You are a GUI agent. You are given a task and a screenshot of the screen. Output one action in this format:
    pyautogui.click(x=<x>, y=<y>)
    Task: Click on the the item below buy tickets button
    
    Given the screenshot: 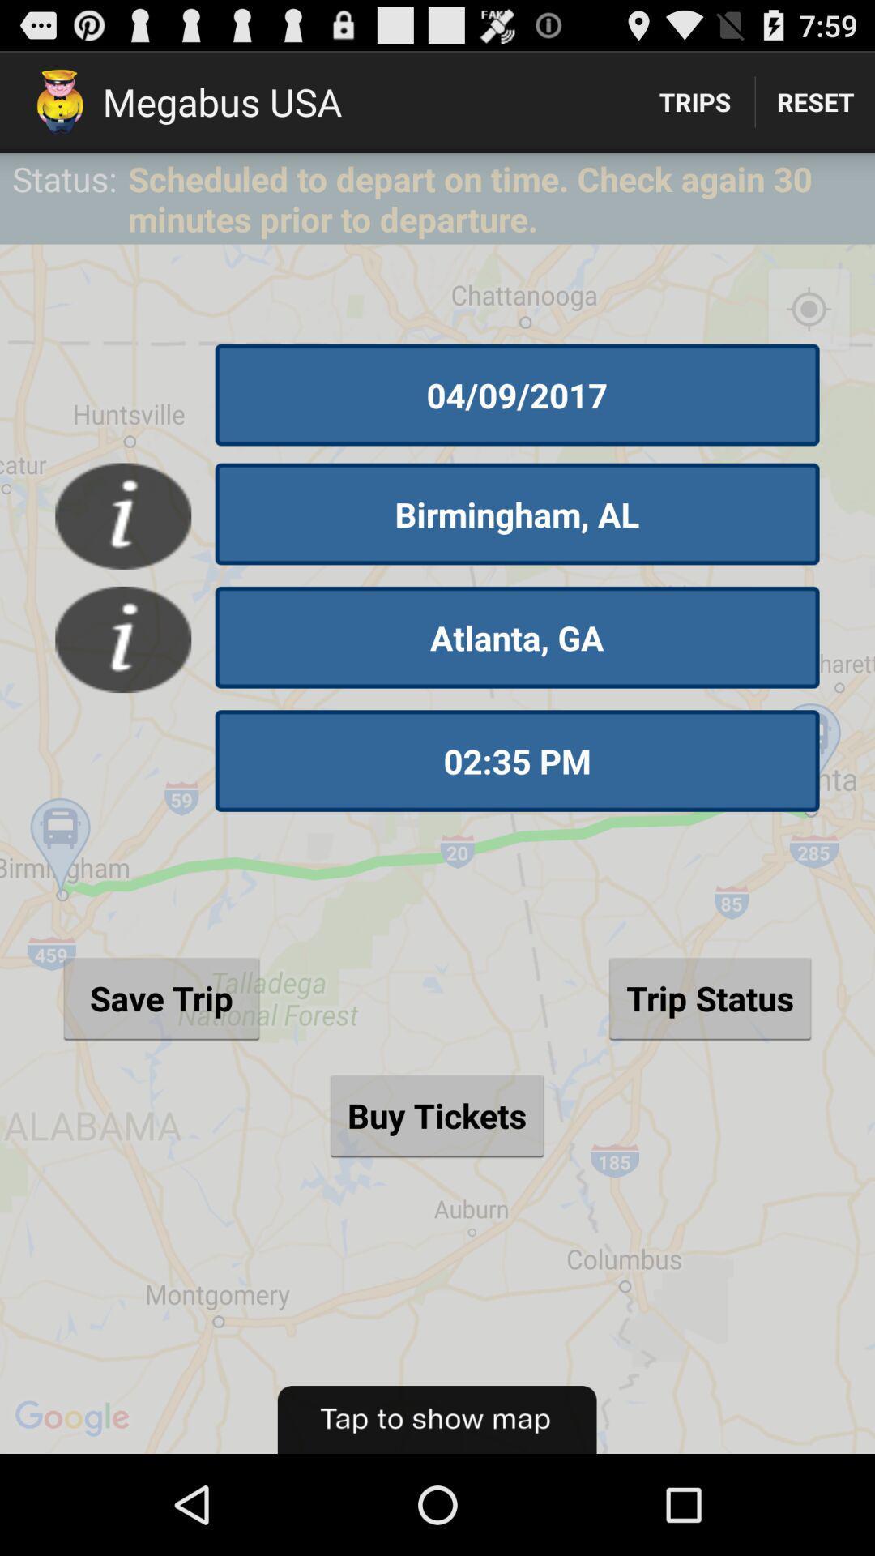 What is the action you would take?
    pyautogui.click(x=436, y=1419)
    